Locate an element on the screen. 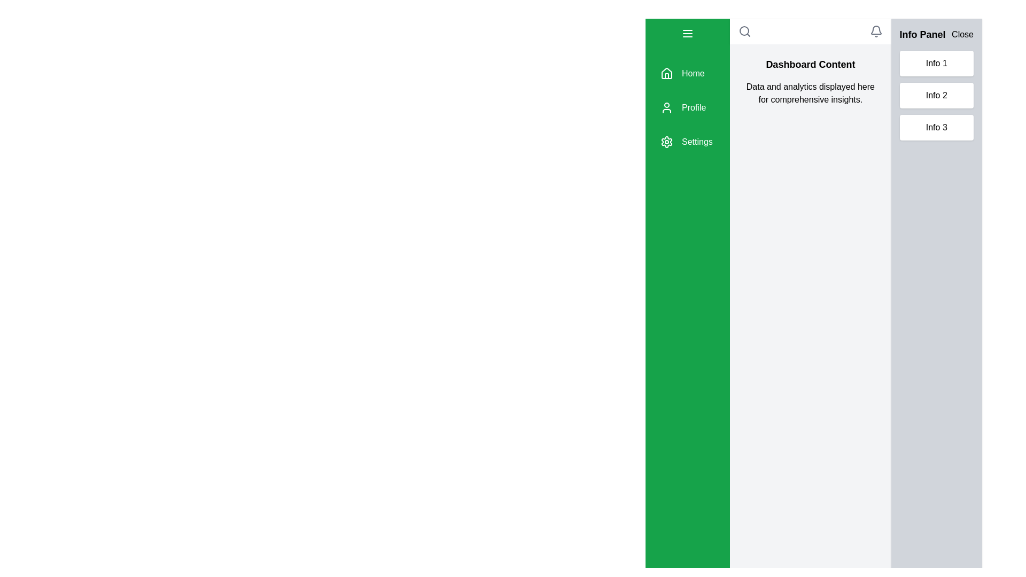 The height and width of the screenshot is (577, 1026). the bell icon located at the top-right corner of the white header bar is located at coordinates (876, 30).